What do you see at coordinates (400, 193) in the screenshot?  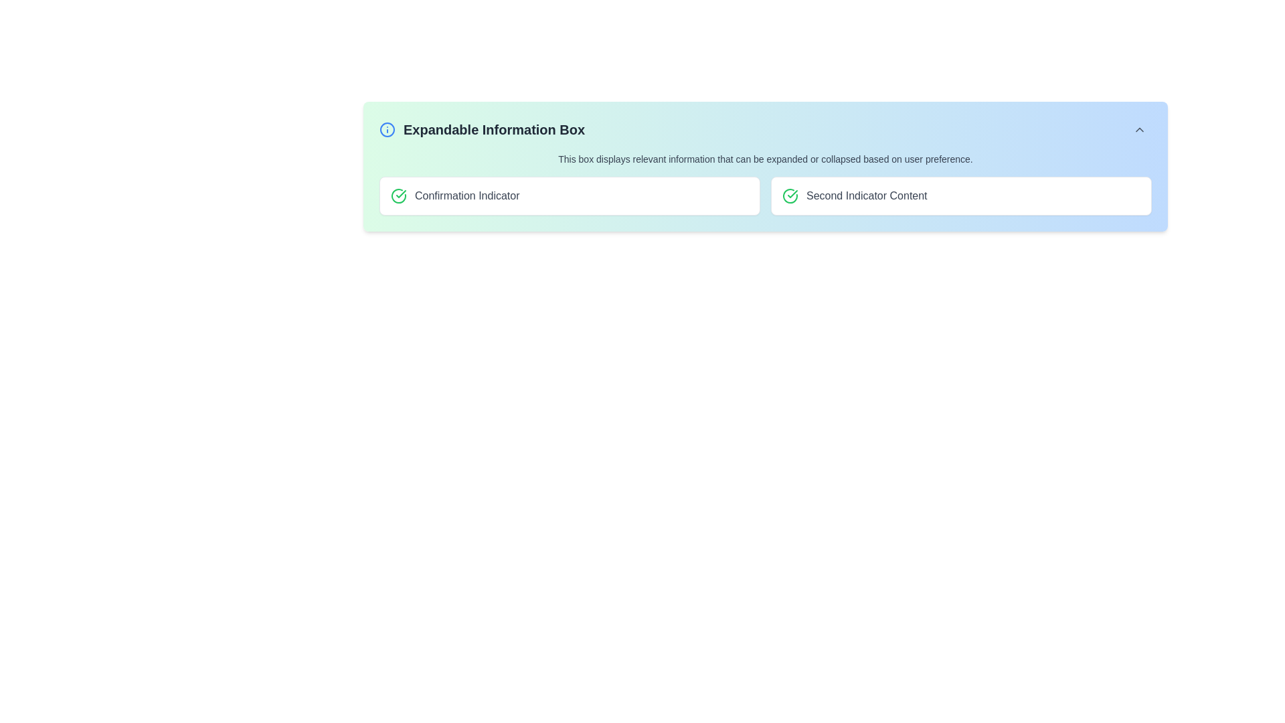 I see `the green circular icon labeled 'Confirmation Indicator' which serves as a success indicator` at bounding box center [400, 193].